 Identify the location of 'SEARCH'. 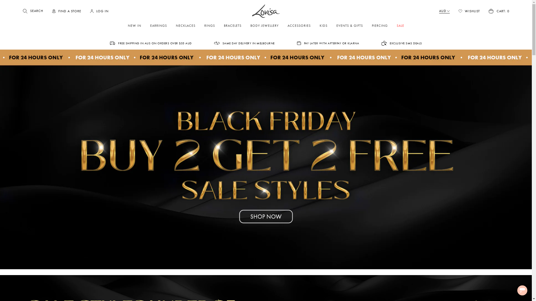
(32, 11).